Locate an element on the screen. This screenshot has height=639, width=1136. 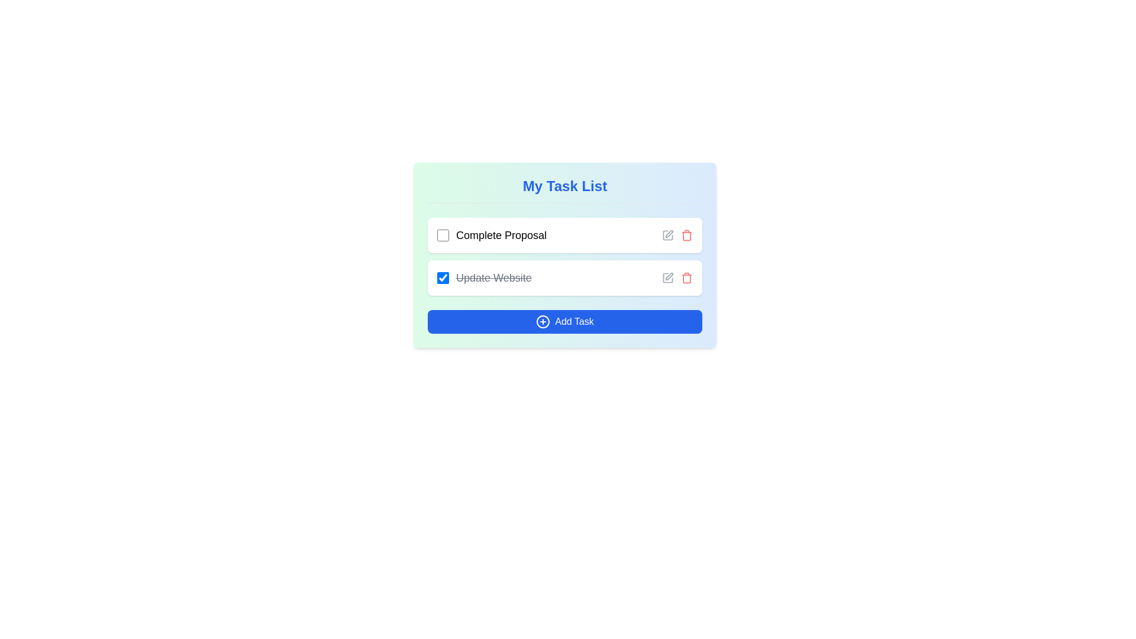
the top task item in the task management interface is located at coordinates (564, 235).